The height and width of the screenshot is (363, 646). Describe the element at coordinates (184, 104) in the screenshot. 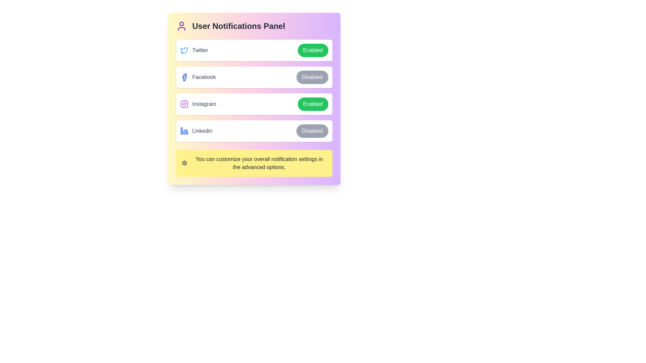

I see `the Instagram logo icon in the User Notifications Panel, which is styled in purple with a rounded square and circular cutout, located between the Facebook and LinkedIn rows` at that location.